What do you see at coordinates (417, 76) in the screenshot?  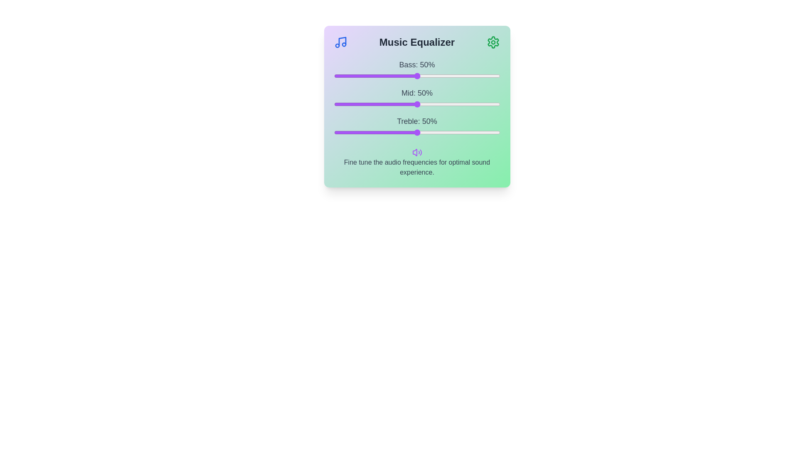 I see `the bass slider to 50%` at bounding box center [417, 76].